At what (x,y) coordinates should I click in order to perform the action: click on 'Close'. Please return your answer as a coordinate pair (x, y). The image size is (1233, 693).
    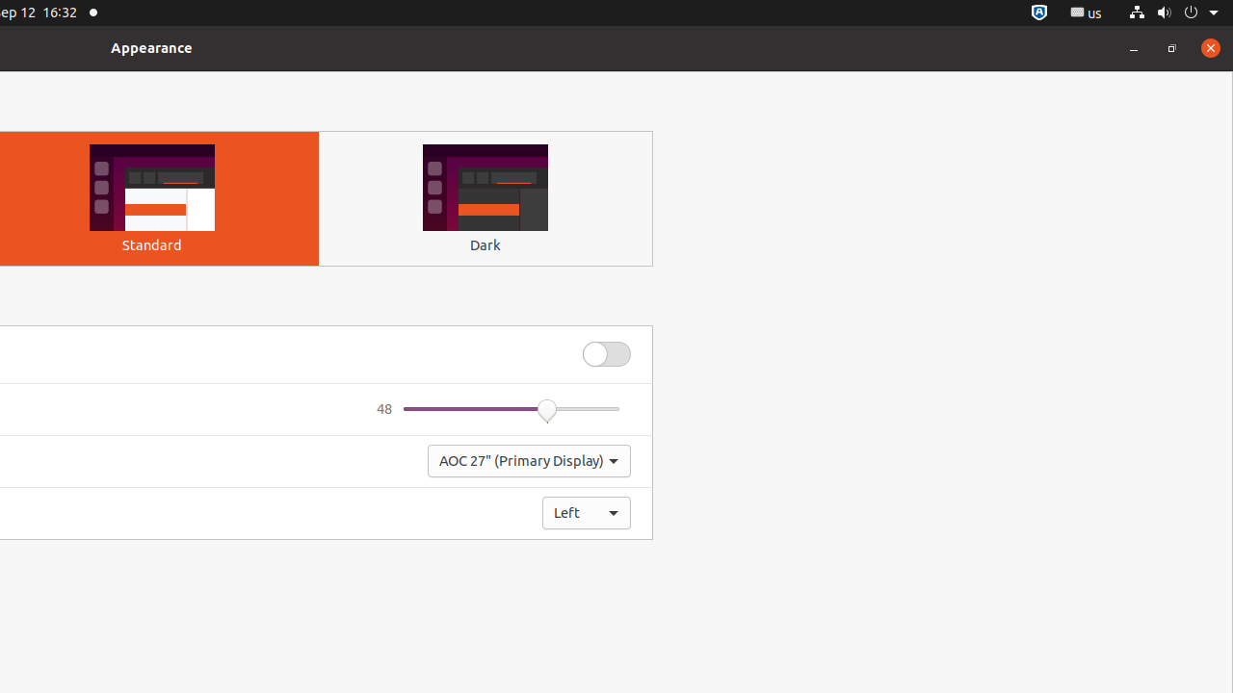
    Looking at the image, I should click on (1209, 46).